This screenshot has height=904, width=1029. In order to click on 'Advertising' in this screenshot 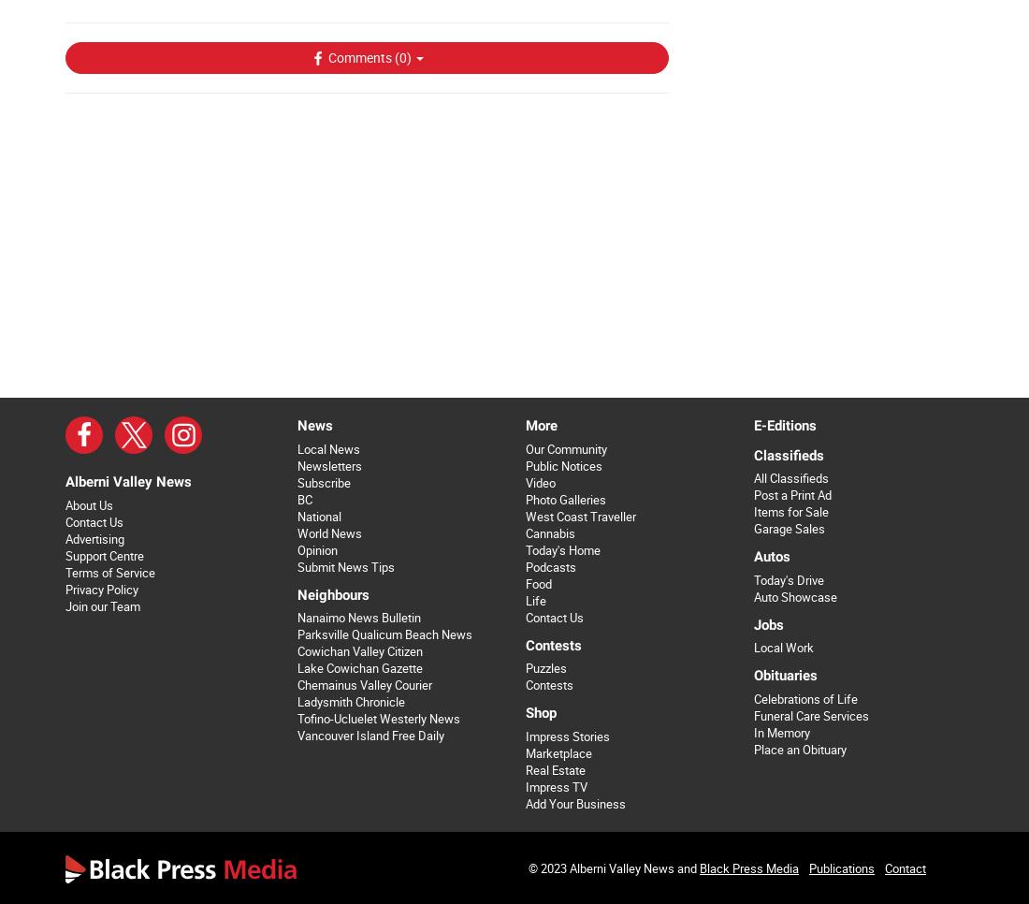, I will do `click(94, 537)`.